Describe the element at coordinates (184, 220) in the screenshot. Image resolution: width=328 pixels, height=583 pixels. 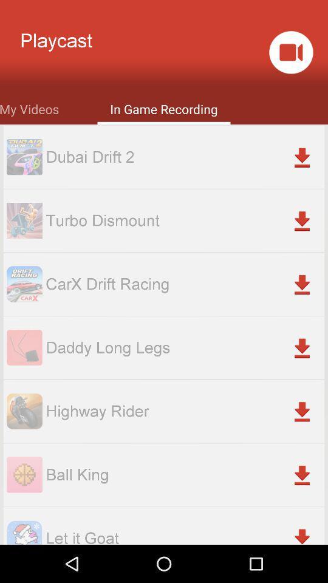
I see `turbo dismount item` at that location.